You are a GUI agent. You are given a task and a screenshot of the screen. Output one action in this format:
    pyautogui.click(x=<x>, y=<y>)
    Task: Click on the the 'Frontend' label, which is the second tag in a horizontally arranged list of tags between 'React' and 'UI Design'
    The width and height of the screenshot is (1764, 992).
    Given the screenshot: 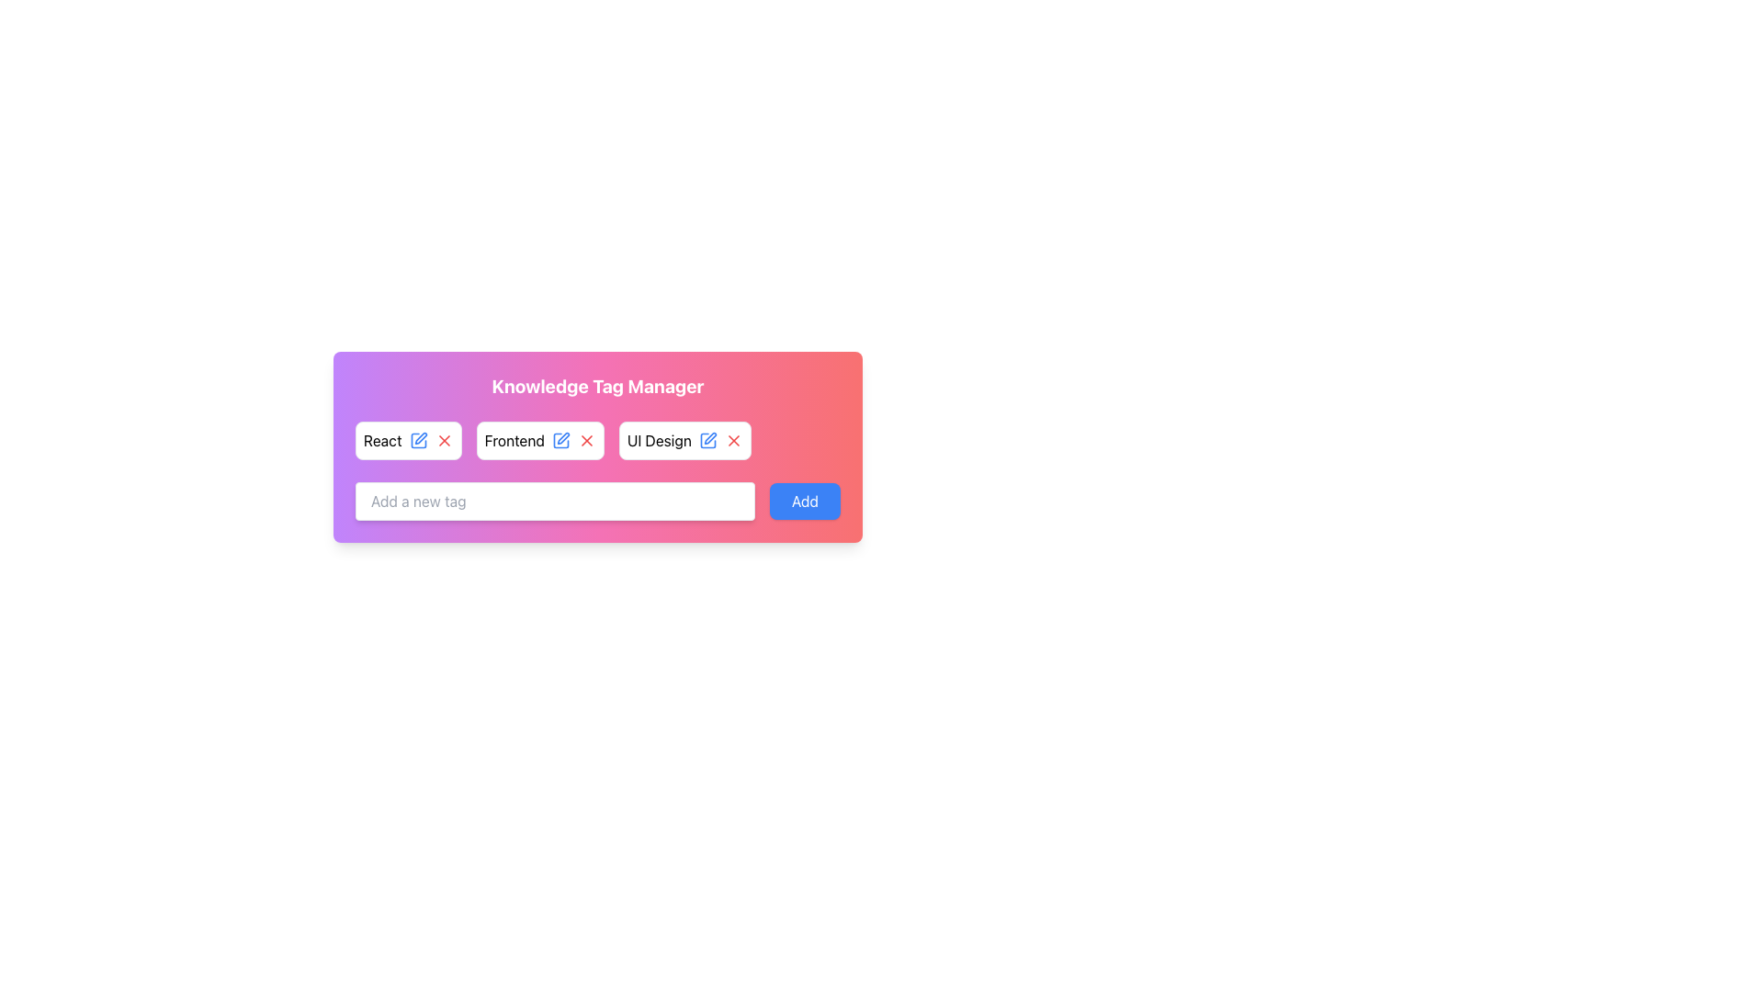 What is the action you would take?
    pyautogui.click(x=514, y=440)
    